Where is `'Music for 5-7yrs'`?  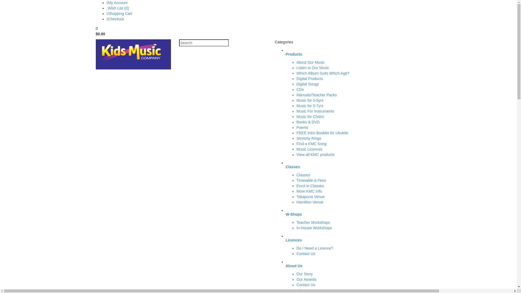
'Music for 5-7yrs' is located at coordinates (310, 106).